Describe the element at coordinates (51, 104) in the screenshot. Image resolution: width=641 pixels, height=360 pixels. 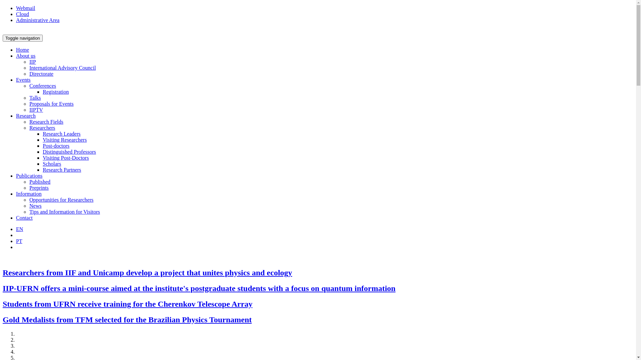
I see `'Proposals for Events'` at that location.